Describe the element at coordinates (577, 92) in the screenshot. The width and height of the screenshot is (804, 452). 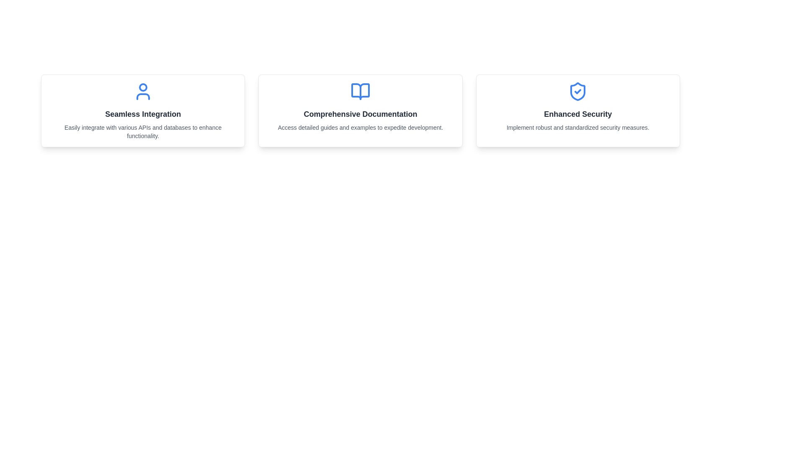
I see `the centered shield icon with a check mark in the 'Enhanced Security' block, which is styled in blue with black outlines` at that location.